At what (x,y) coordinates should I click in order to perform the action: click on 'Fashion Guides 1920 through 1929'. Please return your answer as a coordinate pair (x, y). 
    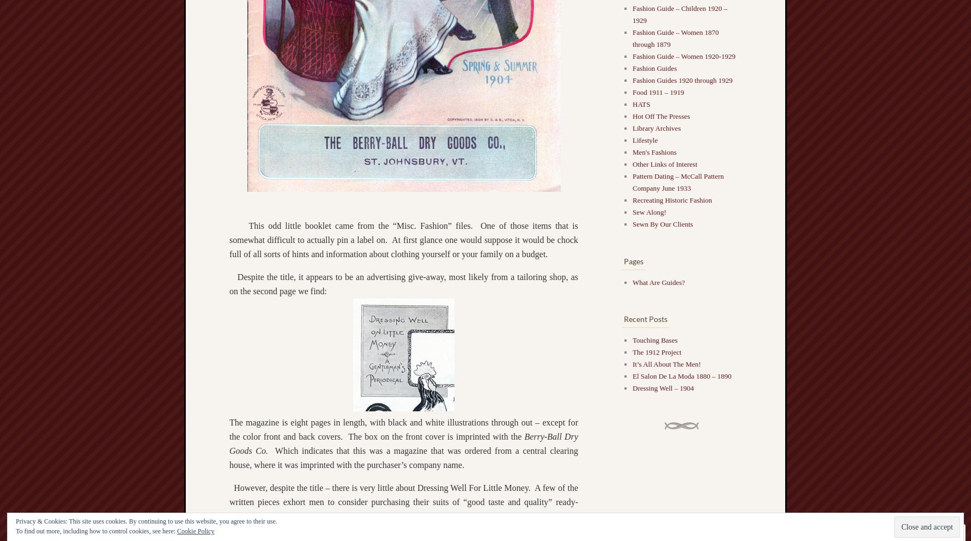
    Looking at the image, I should click on (682, 80).